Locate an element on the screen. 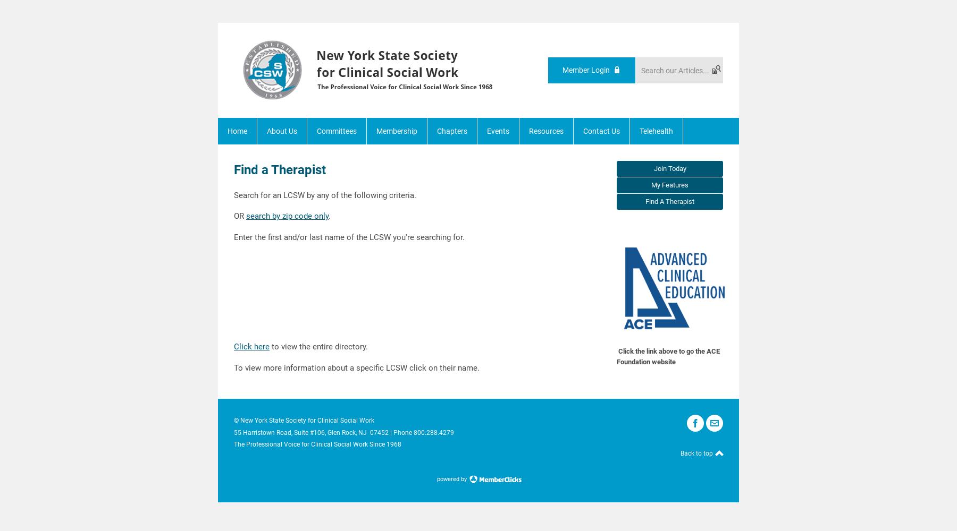 The image size is (957, 531). 'Enter the first and/or last name of the LCSW you're searching for.' is located at coordinates (349, 236).